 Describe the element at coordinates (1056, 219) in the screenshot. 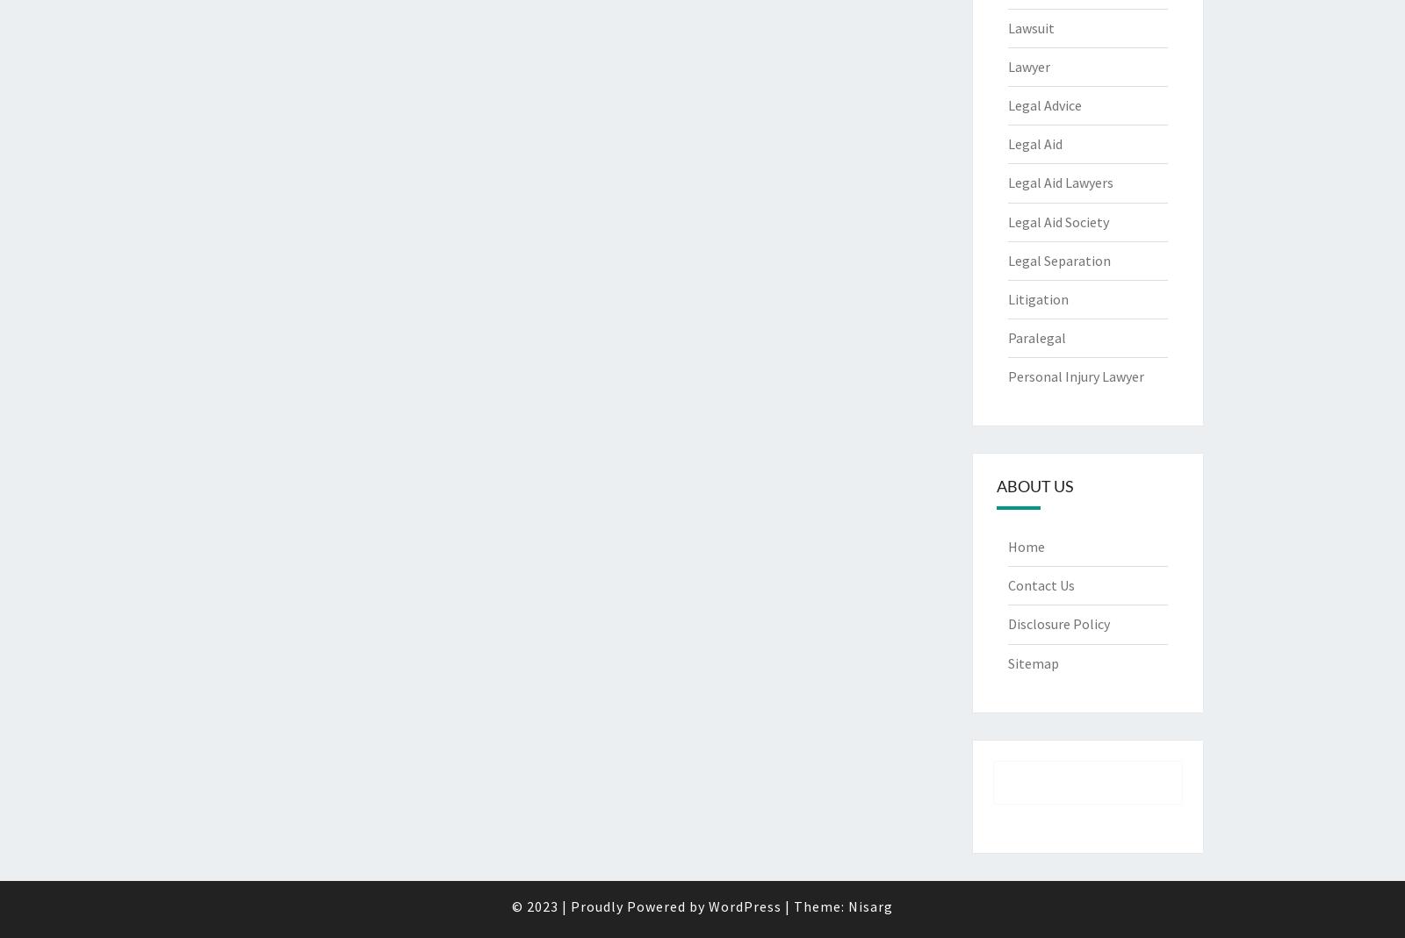

I see `'Legal Aid Society'` at that location.